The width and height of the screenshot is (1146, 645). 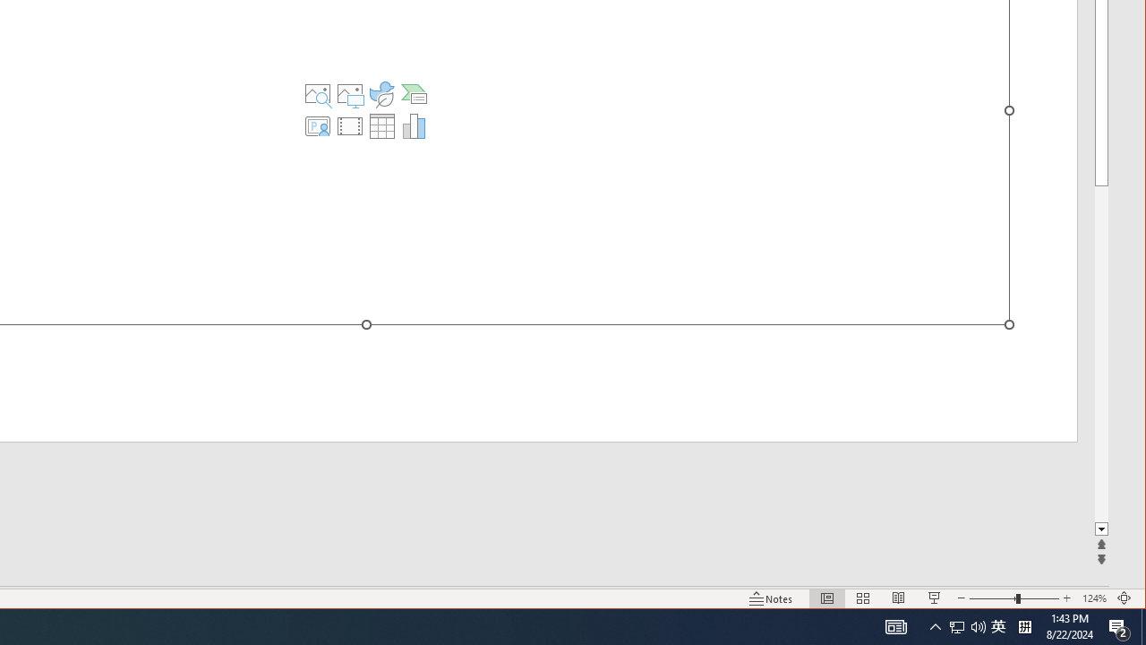 What do you see at coordinates (935, 625) in the screenshot?
I see `'Notification Chevron'` at bounding box center [935, 625].